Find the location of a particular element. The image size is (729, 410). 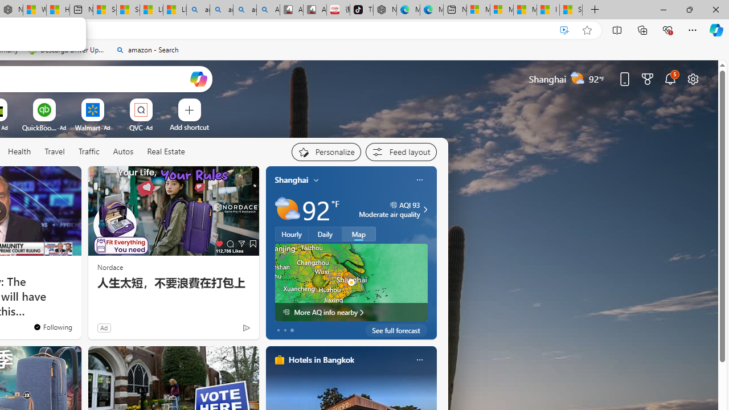

'Shanghai' is located at coordinates (292, 179).